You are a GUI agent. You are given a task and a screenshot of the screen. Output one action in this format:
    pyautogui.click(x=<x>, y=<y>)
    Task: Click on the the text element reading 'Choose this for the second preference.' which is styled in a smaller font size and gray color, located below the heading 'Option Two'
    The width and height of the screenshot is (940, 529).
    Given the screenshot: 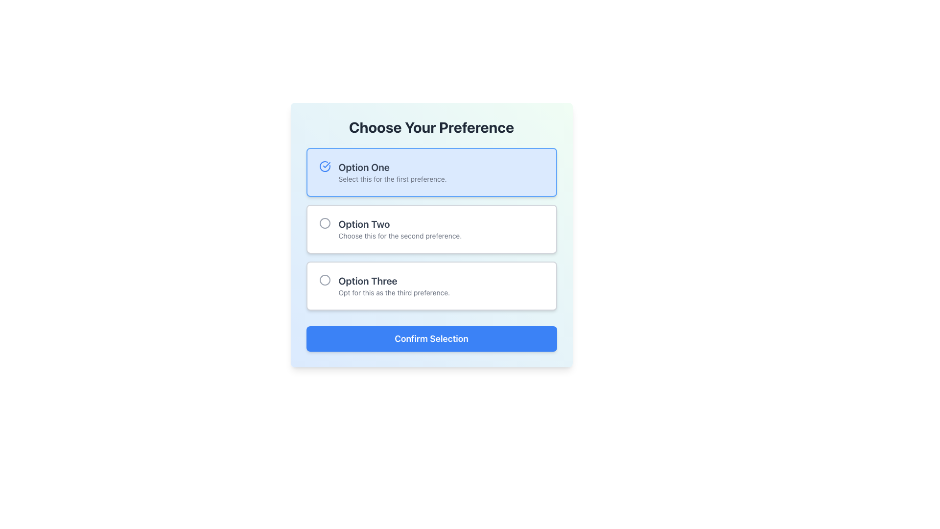 What is the action you would take?
    pyautogui.click(x=400, y=236)
    